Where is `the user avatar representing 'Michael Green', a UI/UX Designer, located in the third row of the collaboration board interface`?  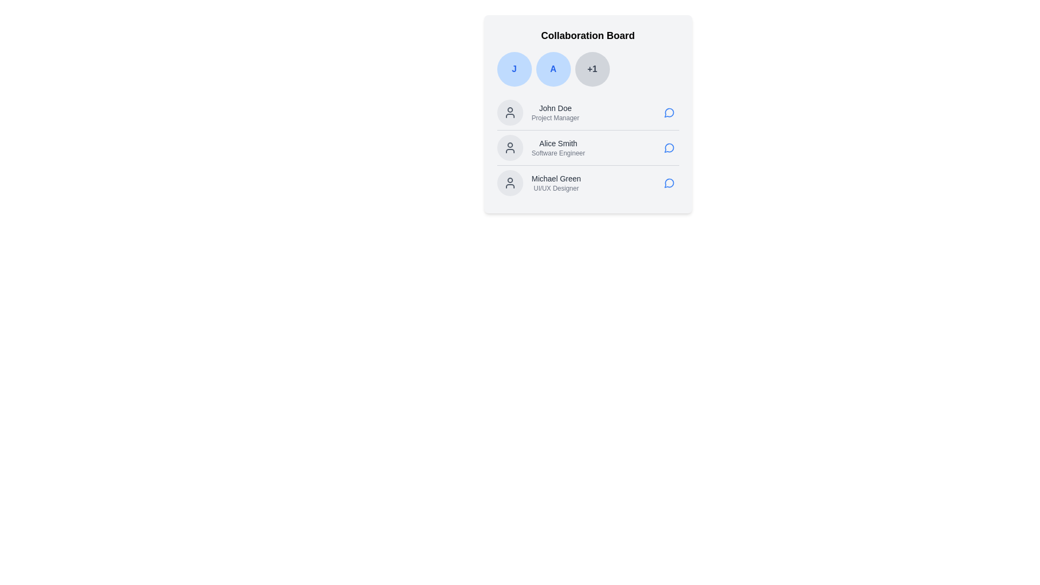 the user avatar representing 'Michael Green', a UI/UX Designer, located in the third row of the collaboration board interface is located at coordinates (509, 183).